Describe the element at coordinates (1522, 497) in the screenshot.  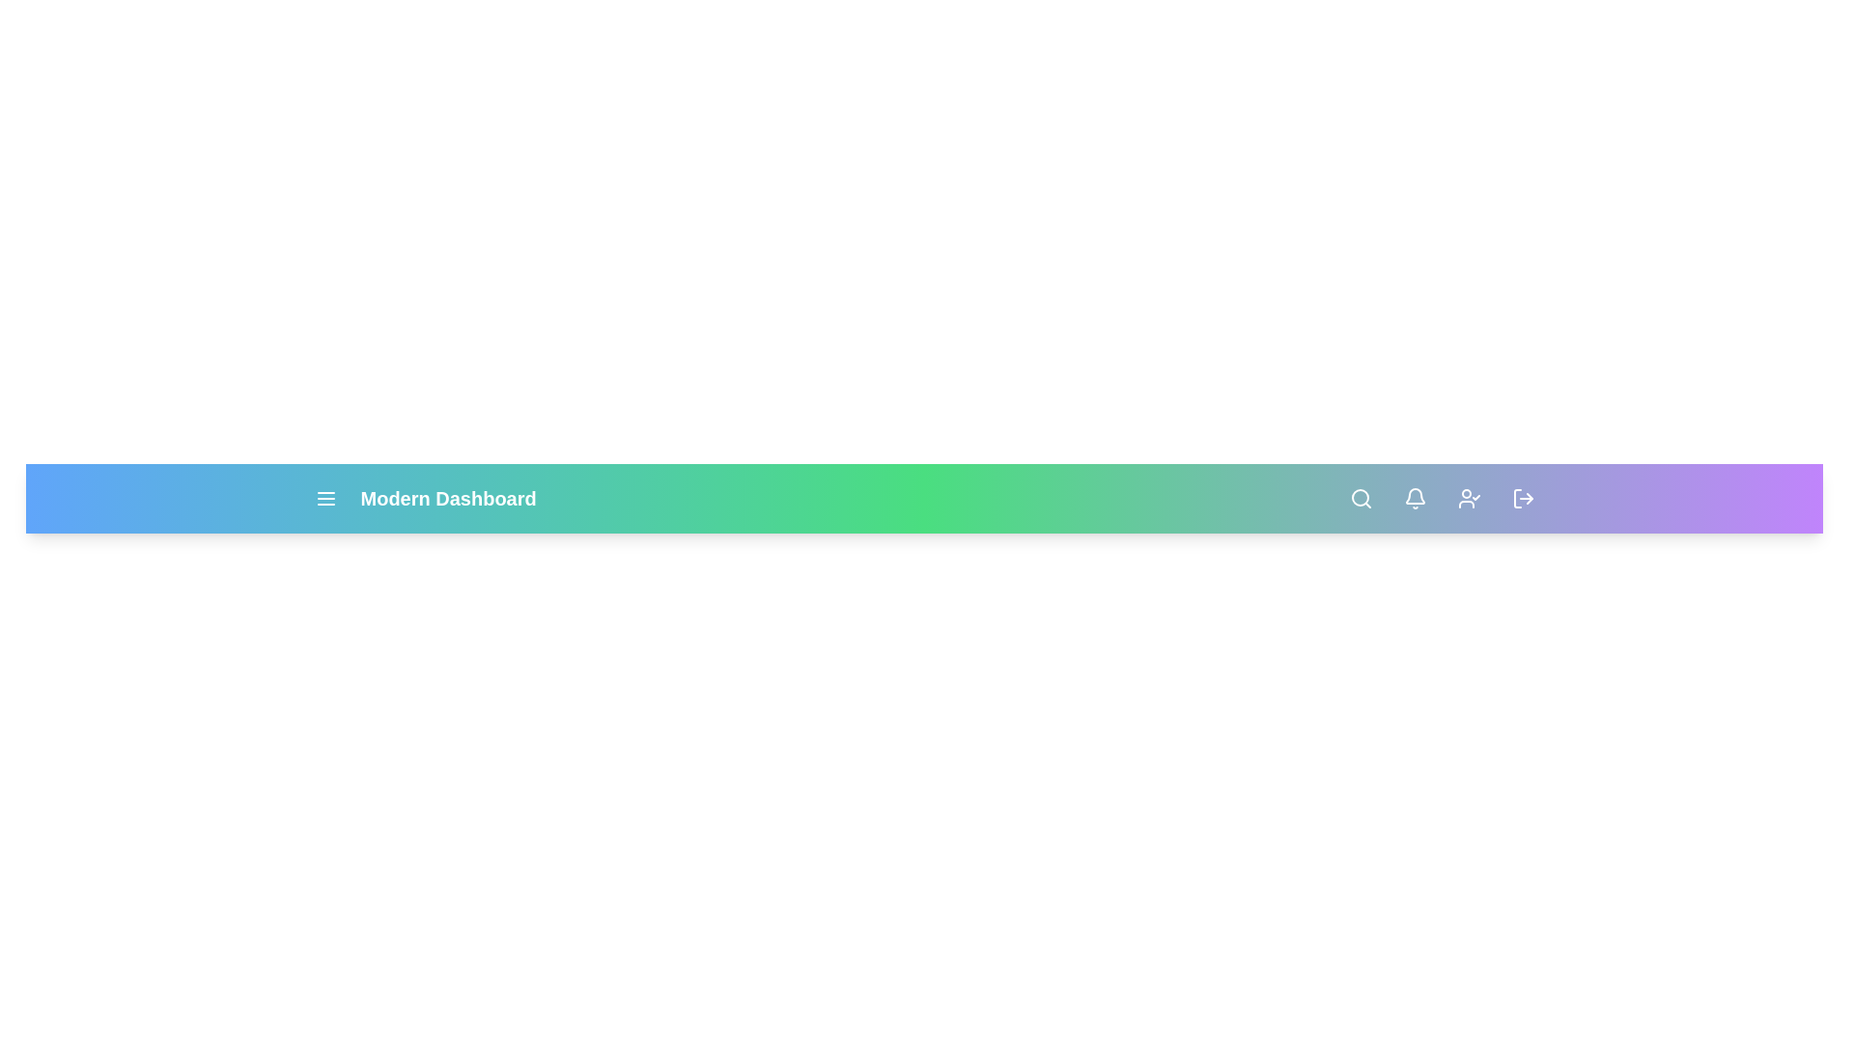
I see `the log-out button to sign out` at that location.